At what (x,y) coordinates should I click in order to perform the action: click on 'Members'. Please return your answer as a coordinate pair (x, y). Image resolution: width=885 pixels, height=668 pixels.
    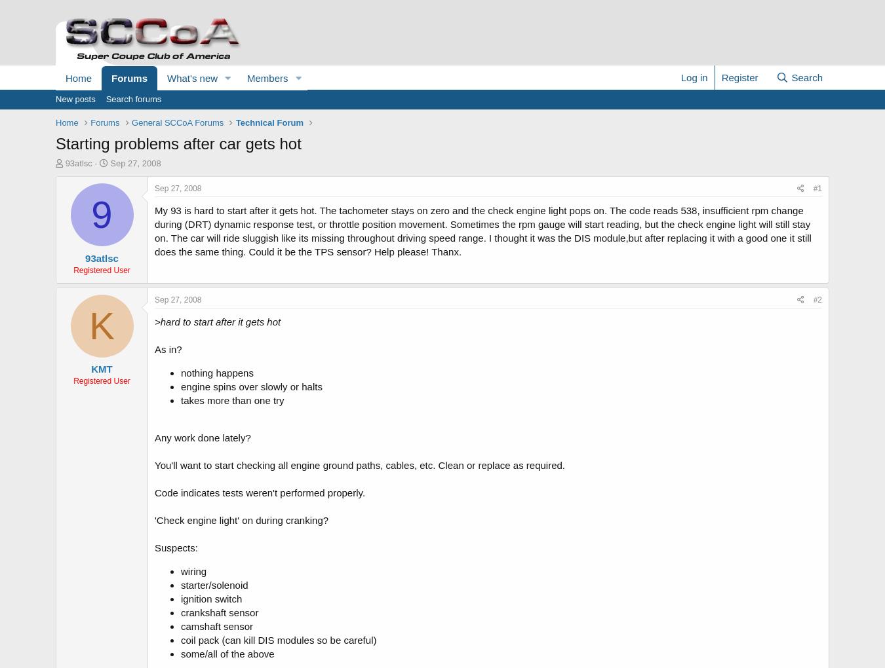
    Looking at the image, I should click on (267, 77).